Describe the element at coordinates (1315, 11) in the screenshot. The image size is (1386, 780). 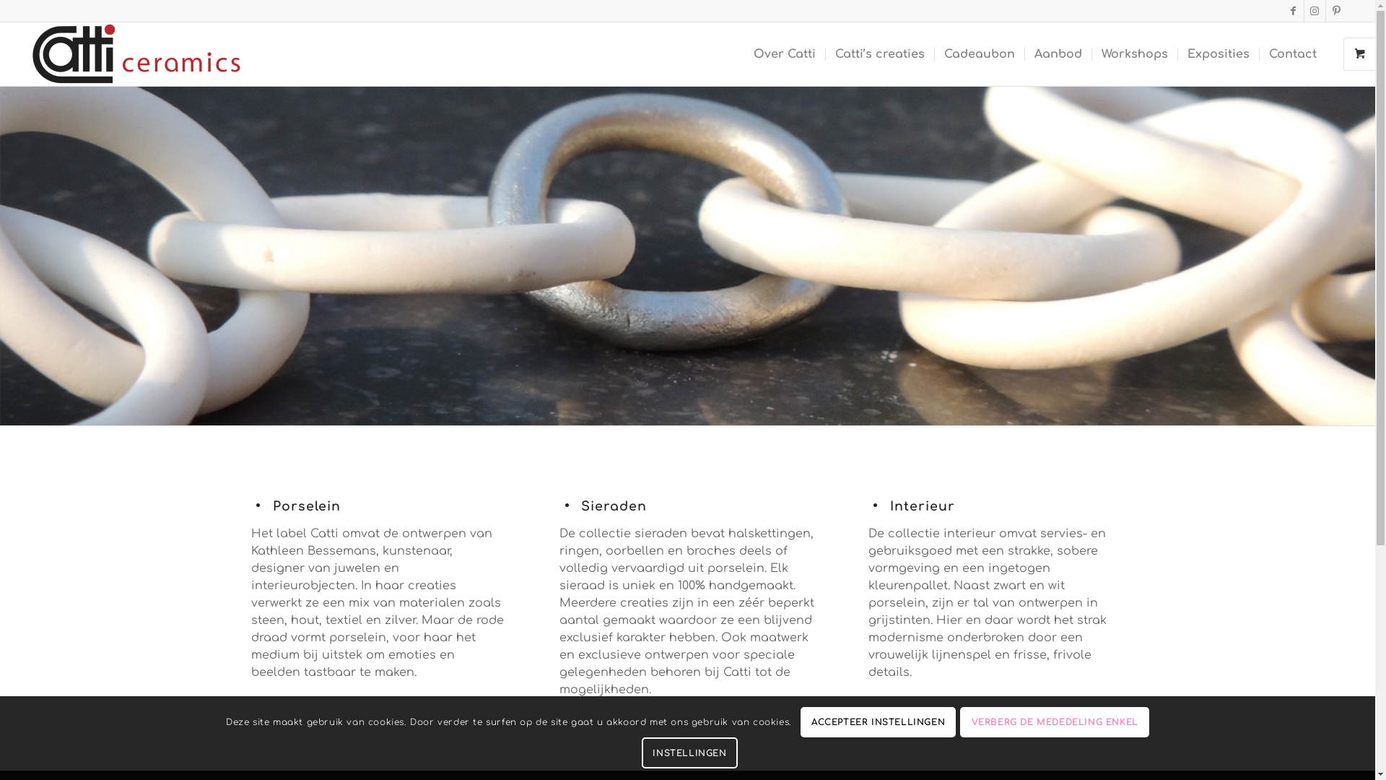
I see `'Instagram'` at that location.